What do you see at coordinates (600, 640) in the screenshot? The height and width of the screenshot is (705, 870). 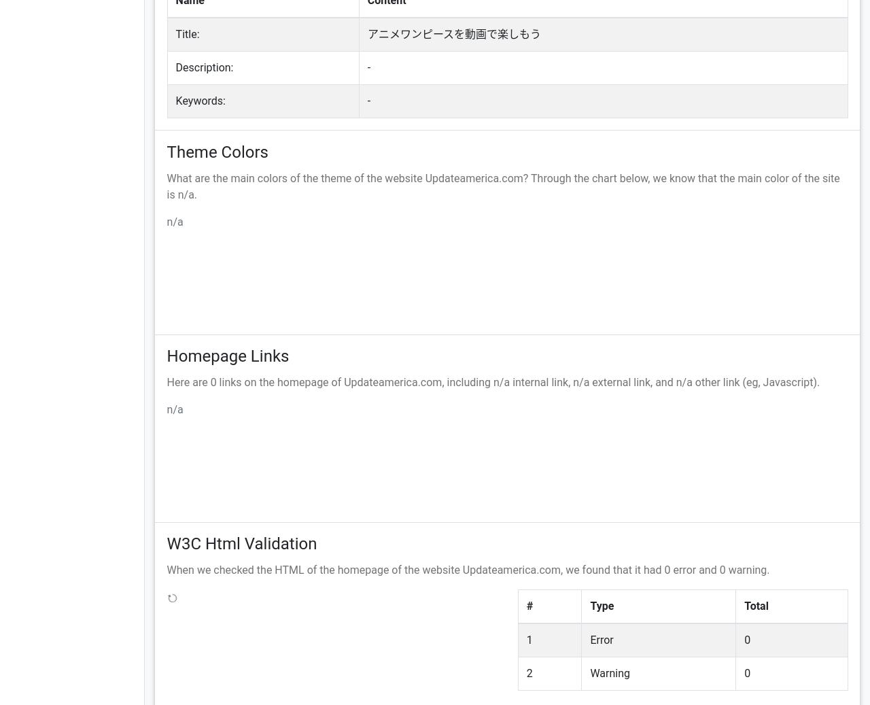 I see `'Error'` at bounding box center [600, 640].